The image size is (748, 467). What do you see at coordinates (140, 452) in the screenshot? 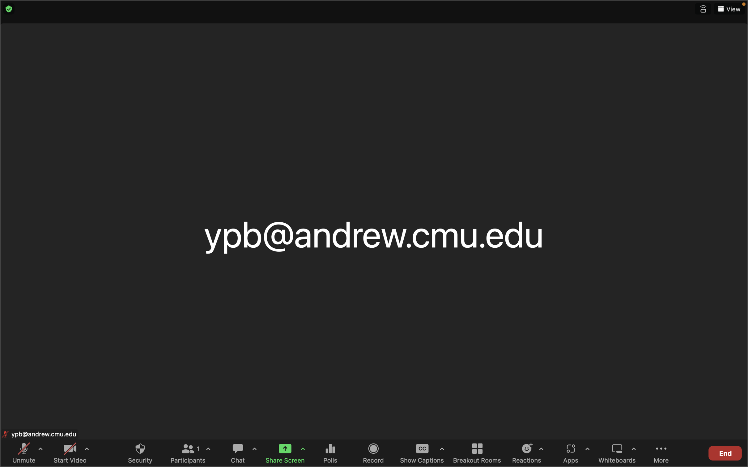
I see `the security preferences` at bounding box center [140, 452].